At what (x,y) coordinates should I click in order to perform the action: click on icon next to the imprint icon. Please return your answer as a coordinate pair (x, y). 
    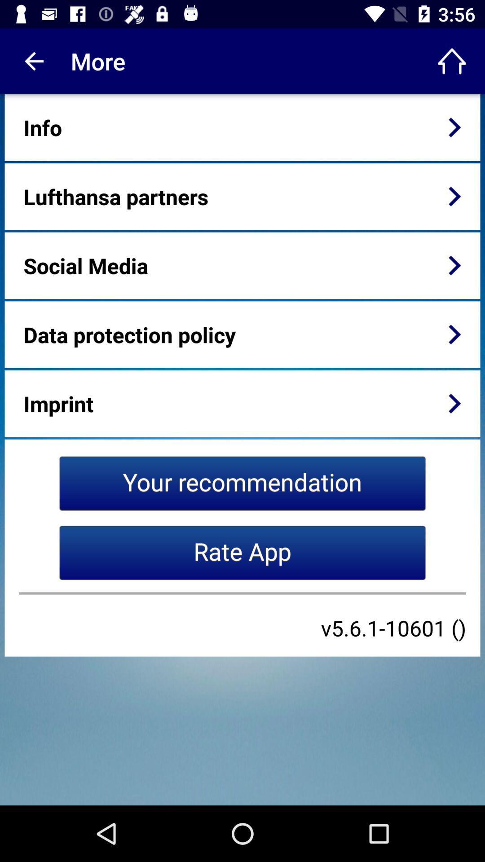
    Looking at the image, I should click on (454, 403).